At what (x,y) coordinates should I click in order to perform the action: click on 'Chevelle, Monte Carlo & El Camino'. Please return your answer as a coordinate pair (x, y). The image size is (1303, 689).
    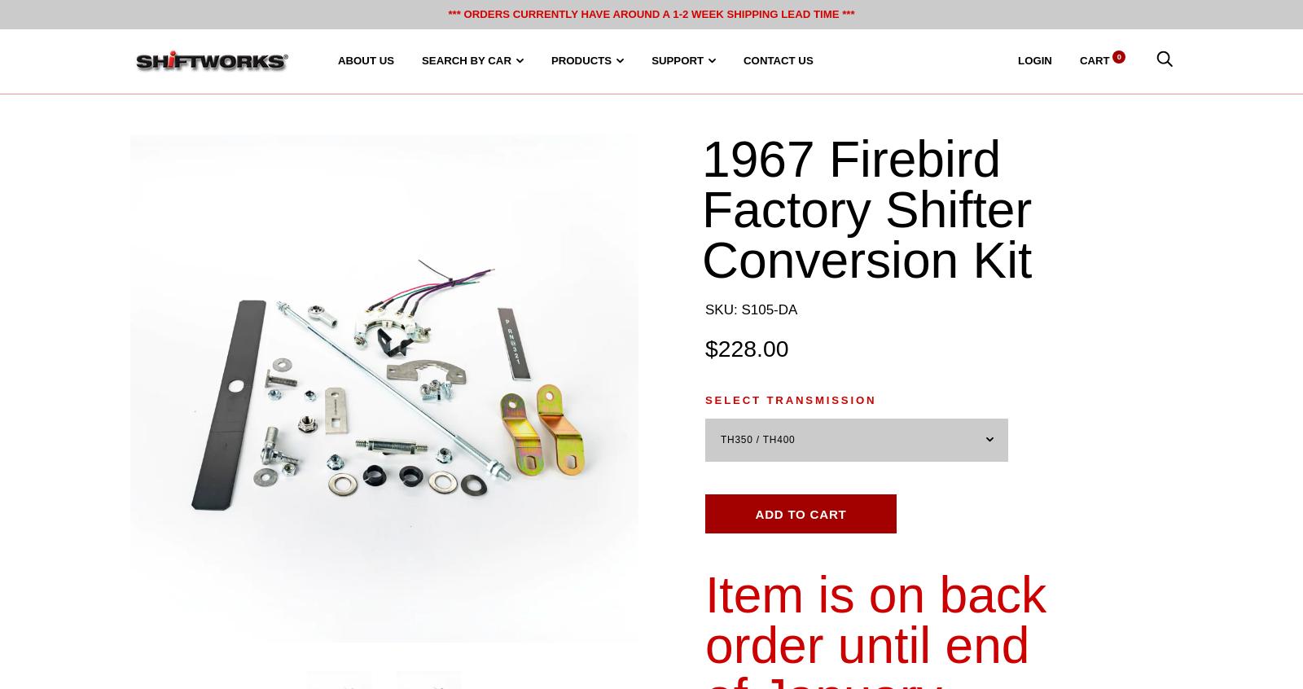
    Looking at the image, I should click on (624, 242).